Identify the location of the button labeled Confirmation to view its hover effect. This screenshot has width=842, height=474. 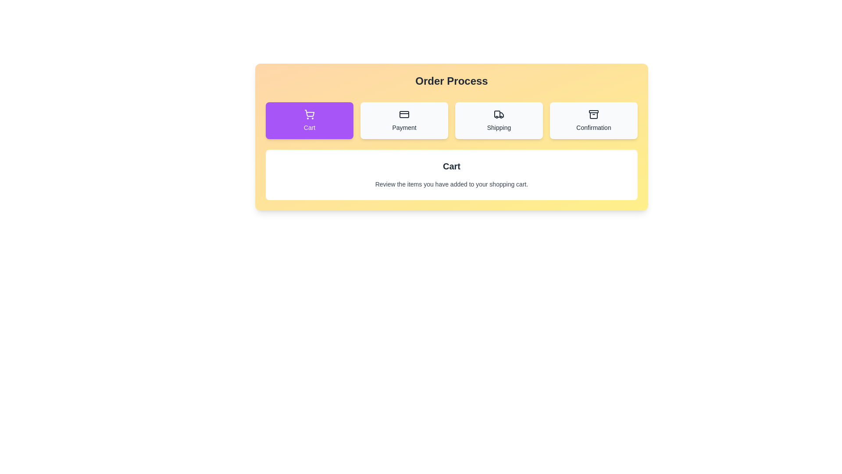
(593, 120).